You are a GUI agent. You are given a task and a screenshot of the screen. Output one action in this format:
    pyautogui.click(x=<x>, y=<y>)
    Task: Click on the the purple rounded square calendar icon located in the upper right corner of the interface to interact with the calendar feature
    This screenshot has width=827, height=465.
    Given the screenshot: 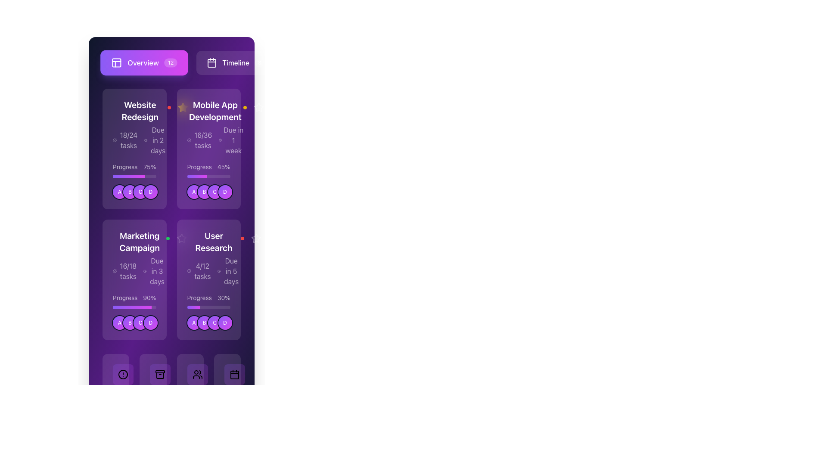 What is the action you would take?
    pyautogui.click(x=212, y=62)
    